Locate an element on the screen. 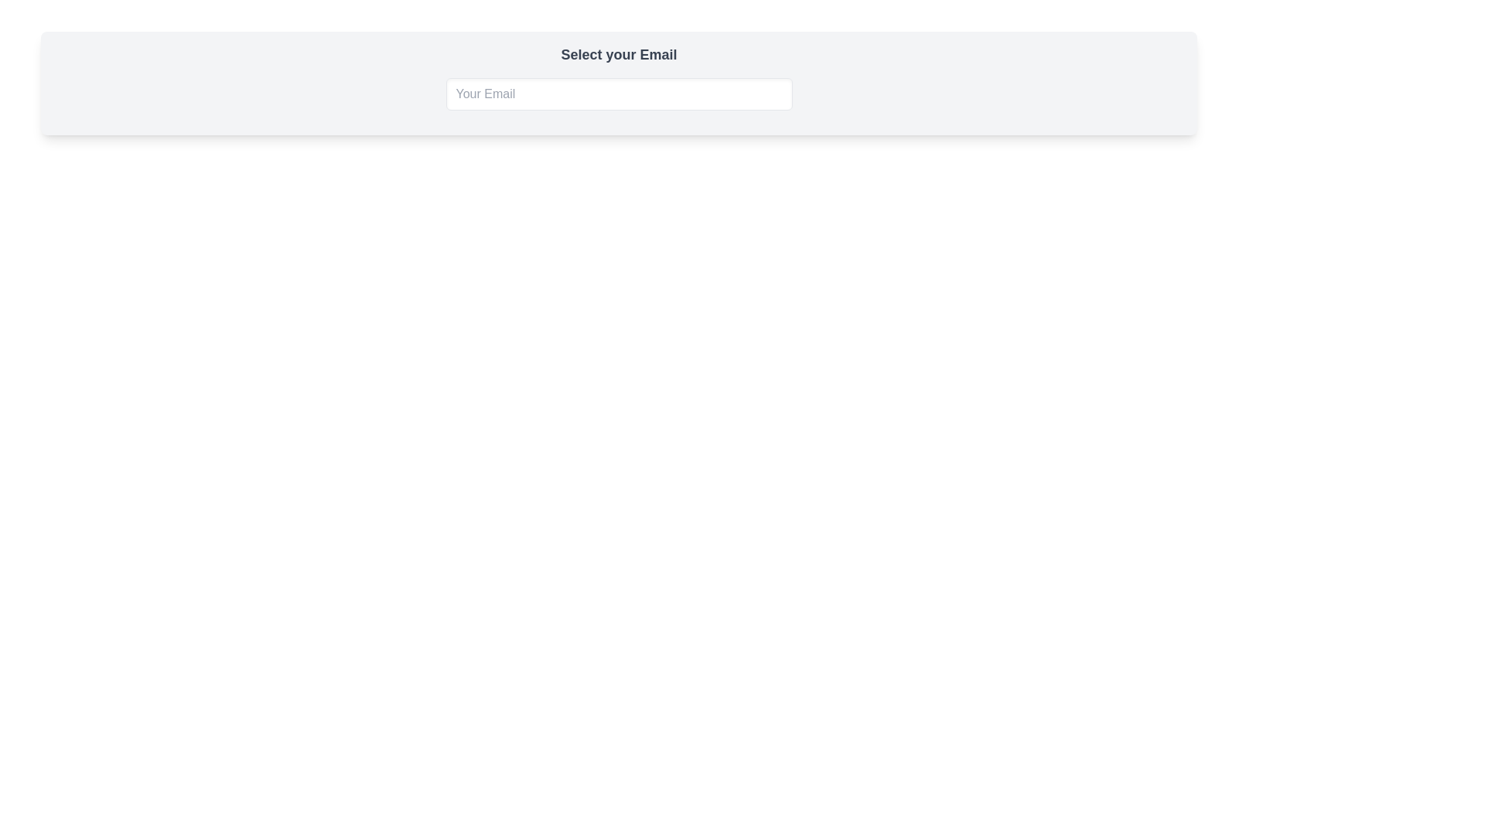  the prominent text label reading 'Select your Email', which is displayed in a bold, large dark-gray font at the top center of a card-like section is located at coordinates (619, 53).